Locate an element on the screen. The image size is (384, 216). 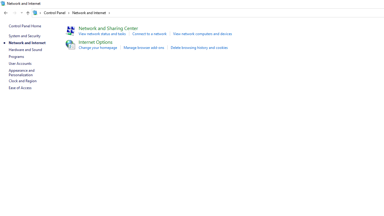
'Control Panel Home' is located at coordinates (25, 25).